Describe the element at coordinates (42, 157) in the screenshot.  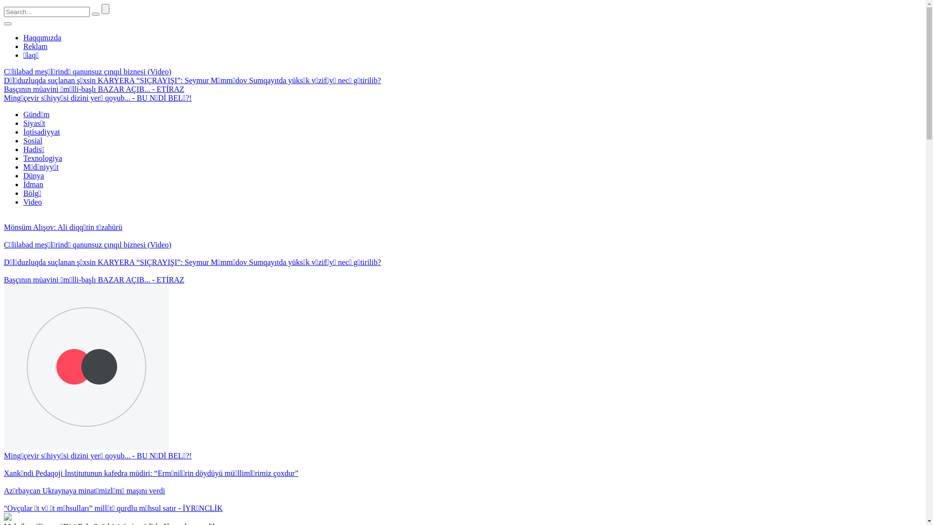
I see `'Texnologiya'` at that location.